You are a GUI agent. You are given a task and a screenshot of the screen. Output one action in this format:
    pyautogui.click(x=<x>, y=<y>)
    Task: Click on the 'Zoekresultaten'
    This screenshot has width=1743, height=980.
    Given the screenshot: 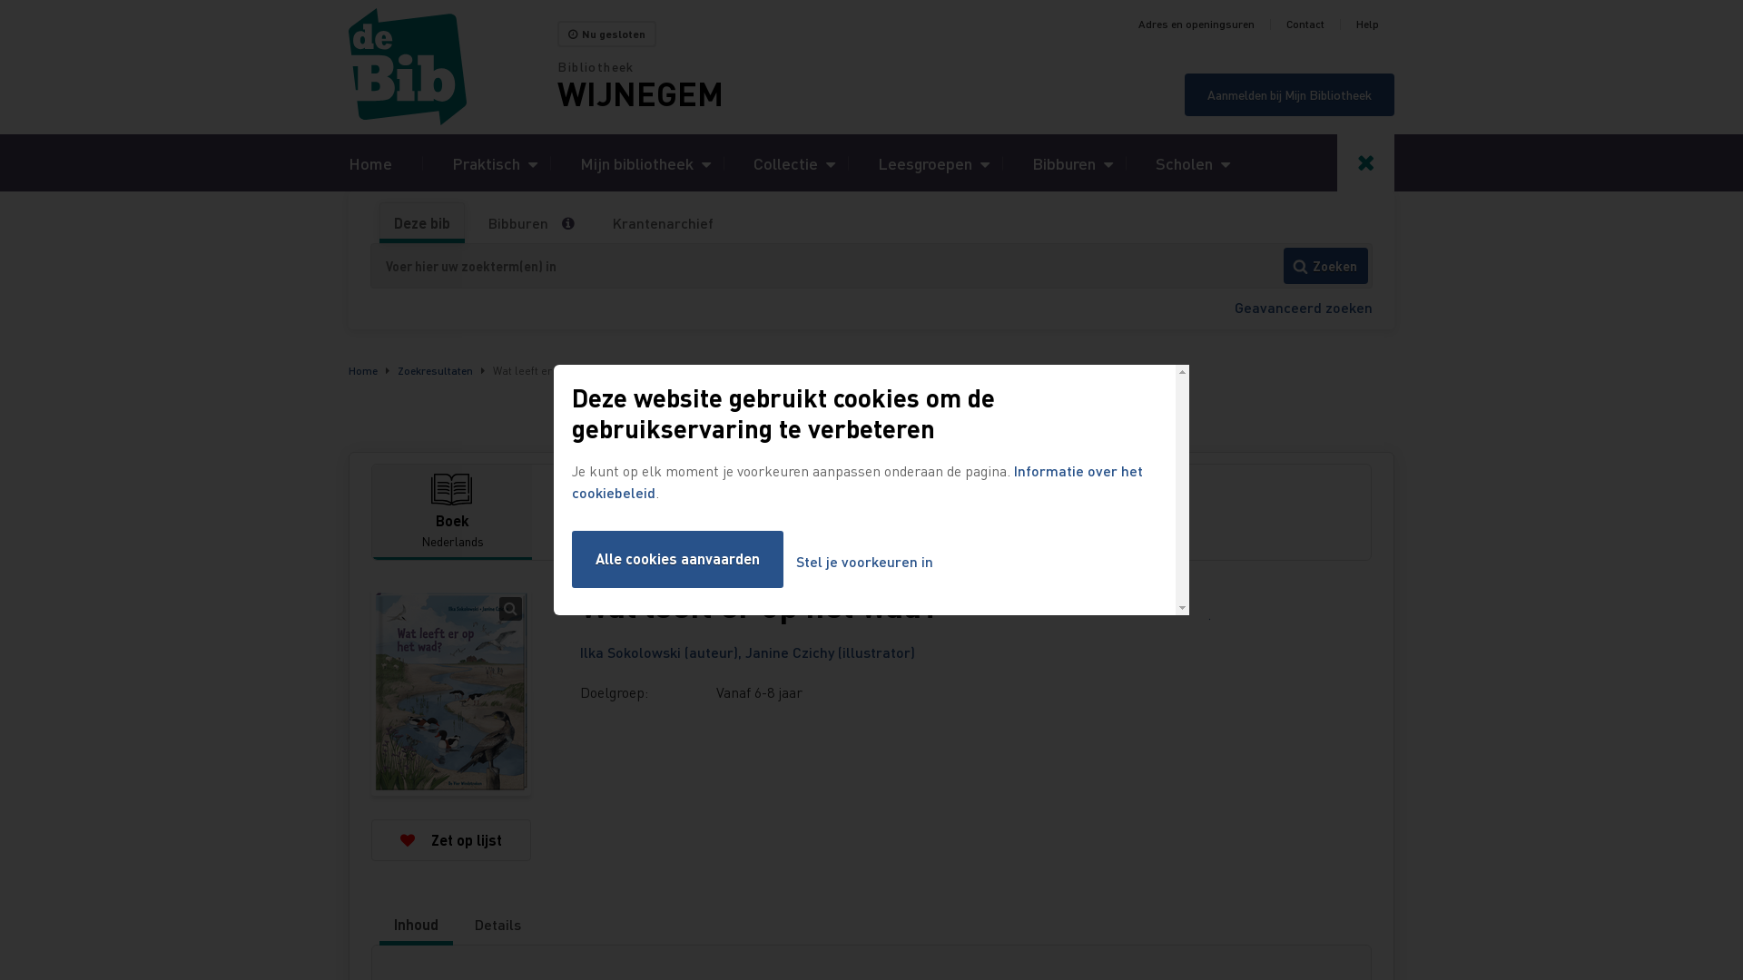 What is the action you would take?
    pyautogui.click(x=396, y=369)
    